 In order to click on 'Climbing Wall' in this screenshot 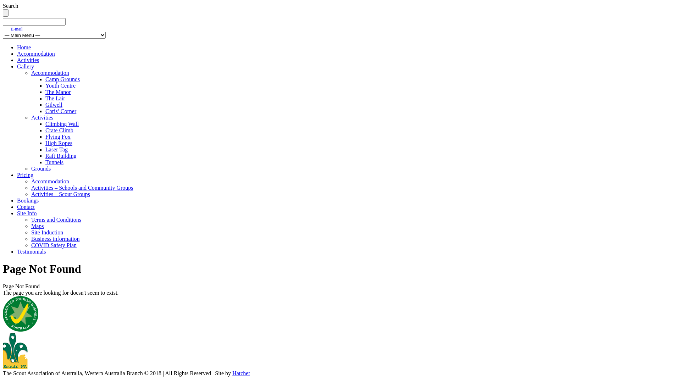, I will do `click(62, 123)`.